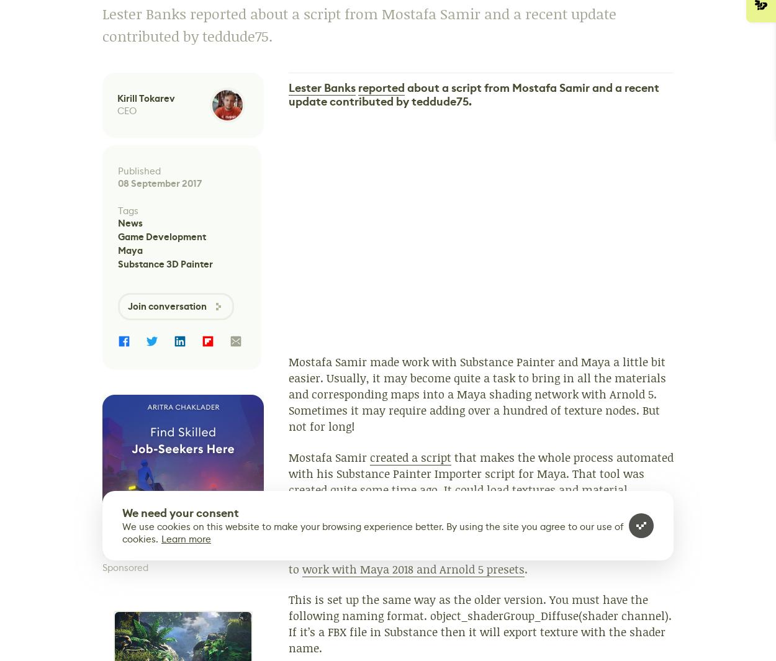 The height and width of the screenshot is (661, 776). What do you see at coordinates (161, 539) in the screenshot?
I see `'Learn more'` at bounding box center [161, 539].